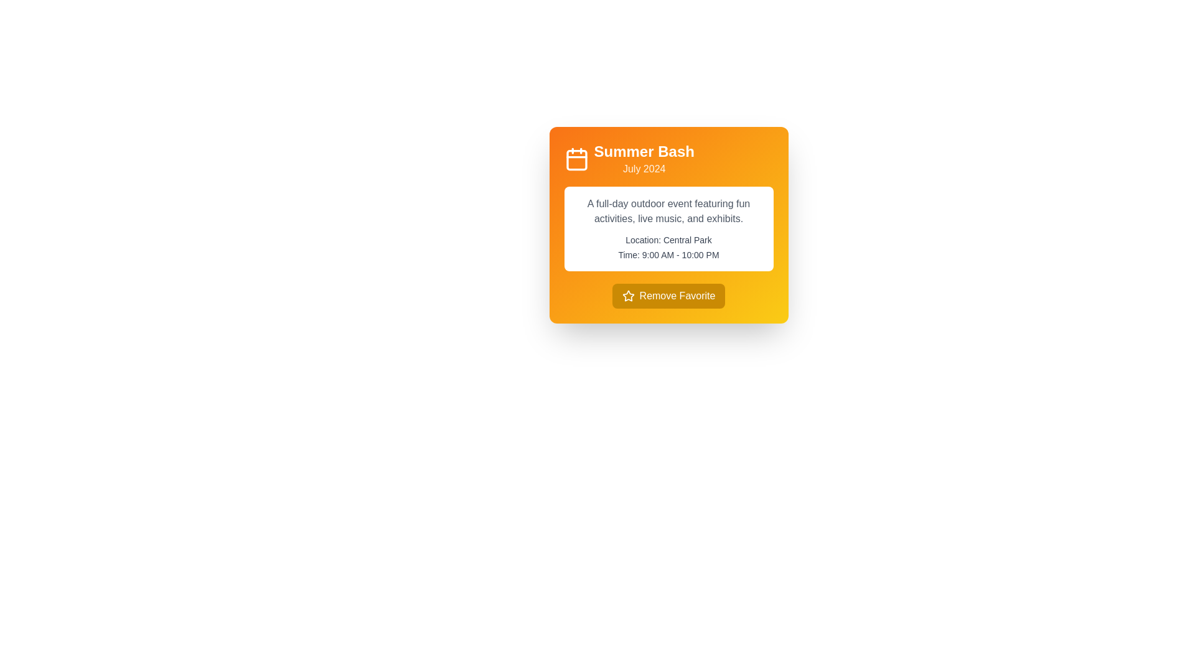 This screenshot has height=672, width=1195. What do you see at coordinates (576, 158) in the screenshot?
I see `the calendar icon located at the upper-left corner of the yellow-orange card layout next to the 'Summer Bash' text` at bounding box center [576, 158].